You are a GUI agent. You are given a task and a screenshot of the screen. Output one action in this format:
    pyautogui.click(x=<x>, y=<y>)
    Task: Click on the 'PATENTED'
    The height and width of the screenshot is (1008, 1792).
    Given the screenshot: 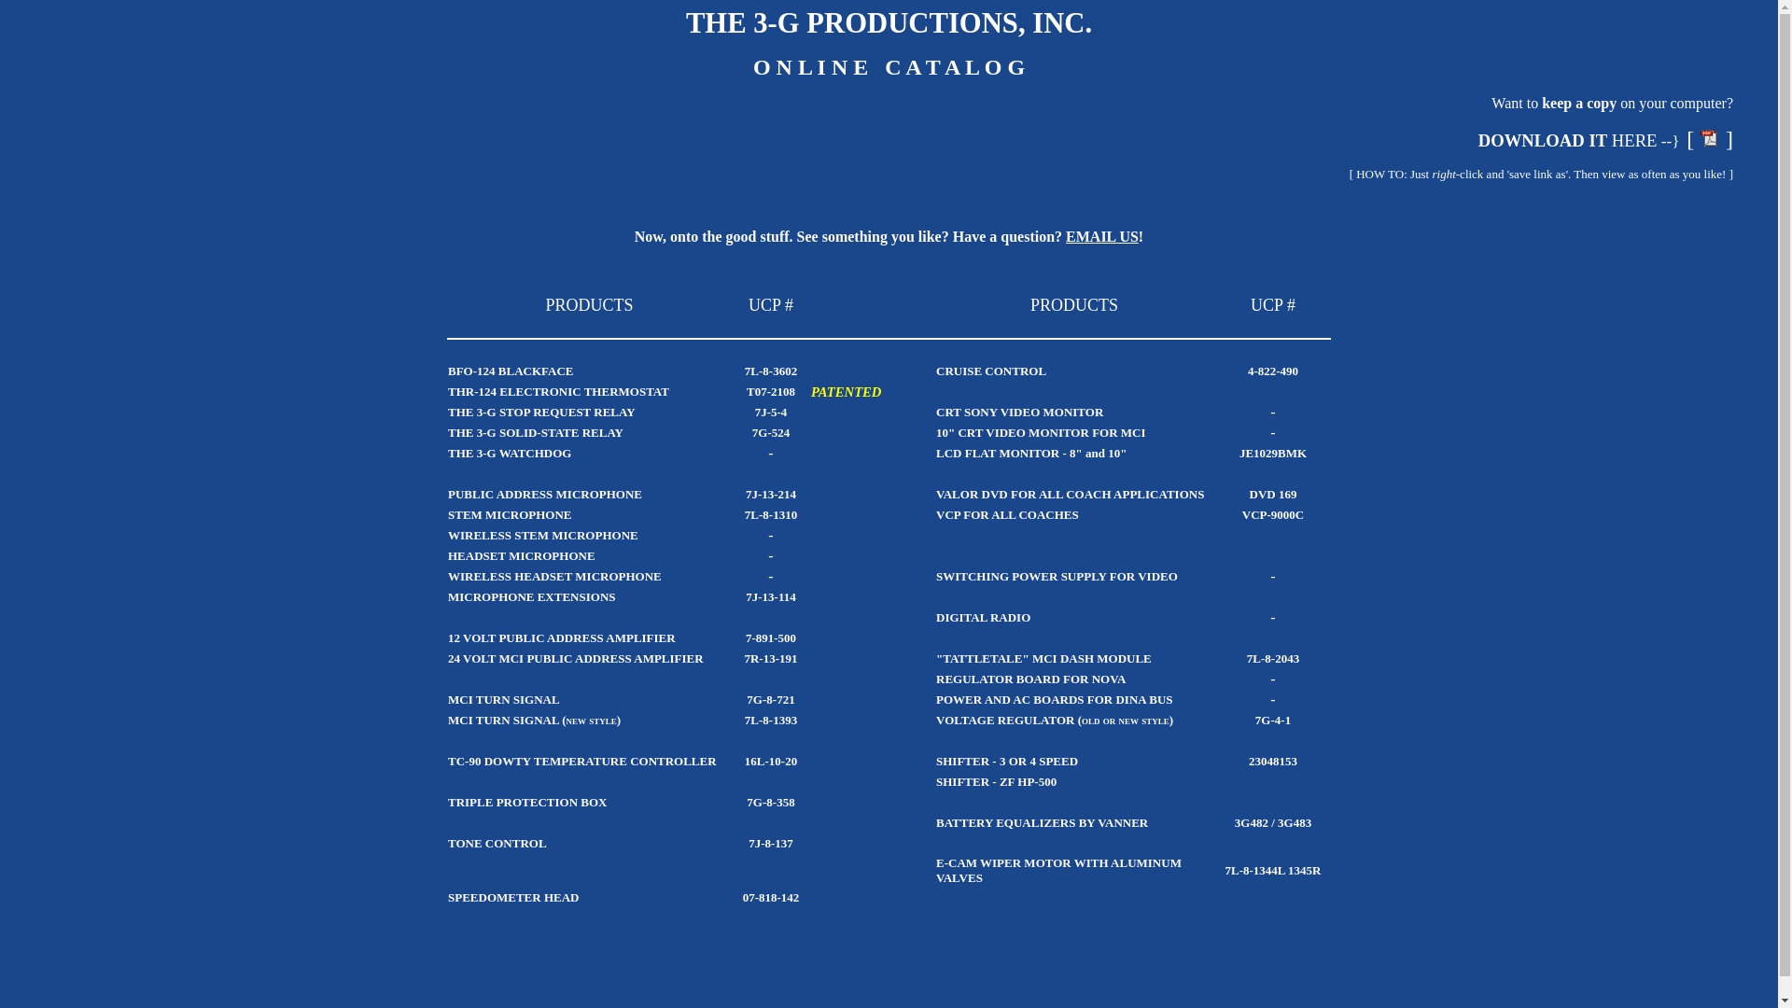 What is the action you would take?
    pyautogui.click(x=845, y=389)
    